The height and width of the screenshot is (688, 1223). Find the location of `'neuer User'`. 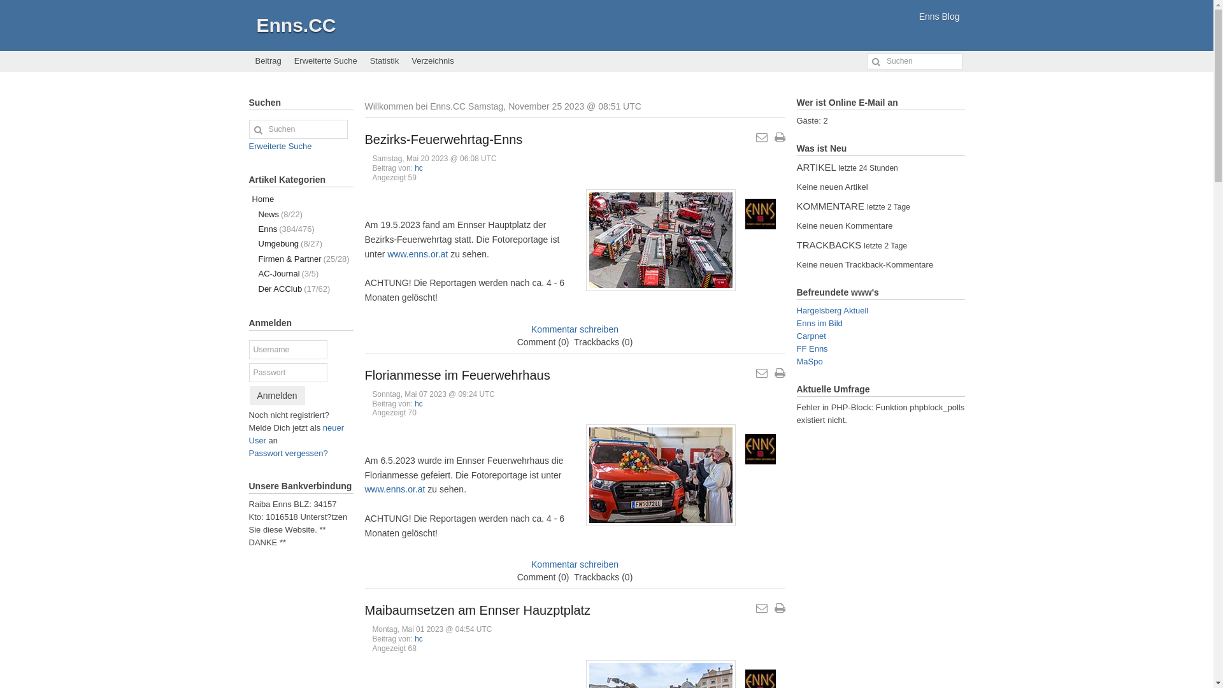

'neuer User' is located at coordinates (296, 433).